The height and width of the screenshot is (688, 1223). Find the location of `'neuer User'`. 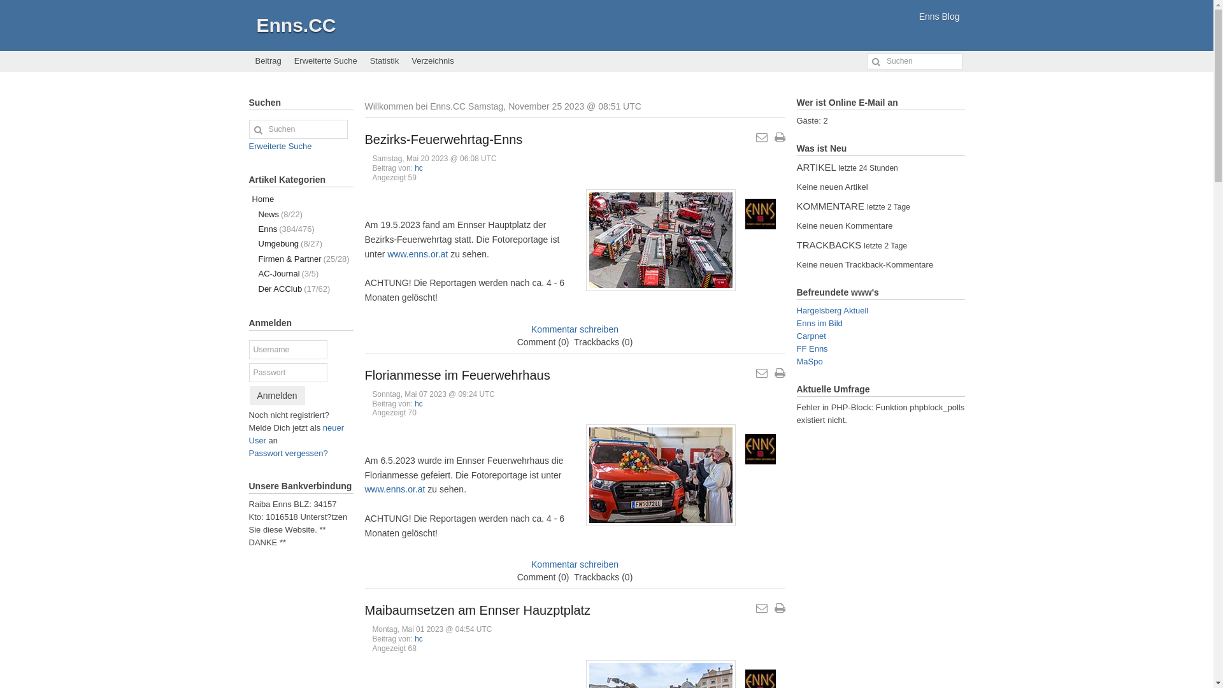

'neuer User' is located at coordinates (296, 433).